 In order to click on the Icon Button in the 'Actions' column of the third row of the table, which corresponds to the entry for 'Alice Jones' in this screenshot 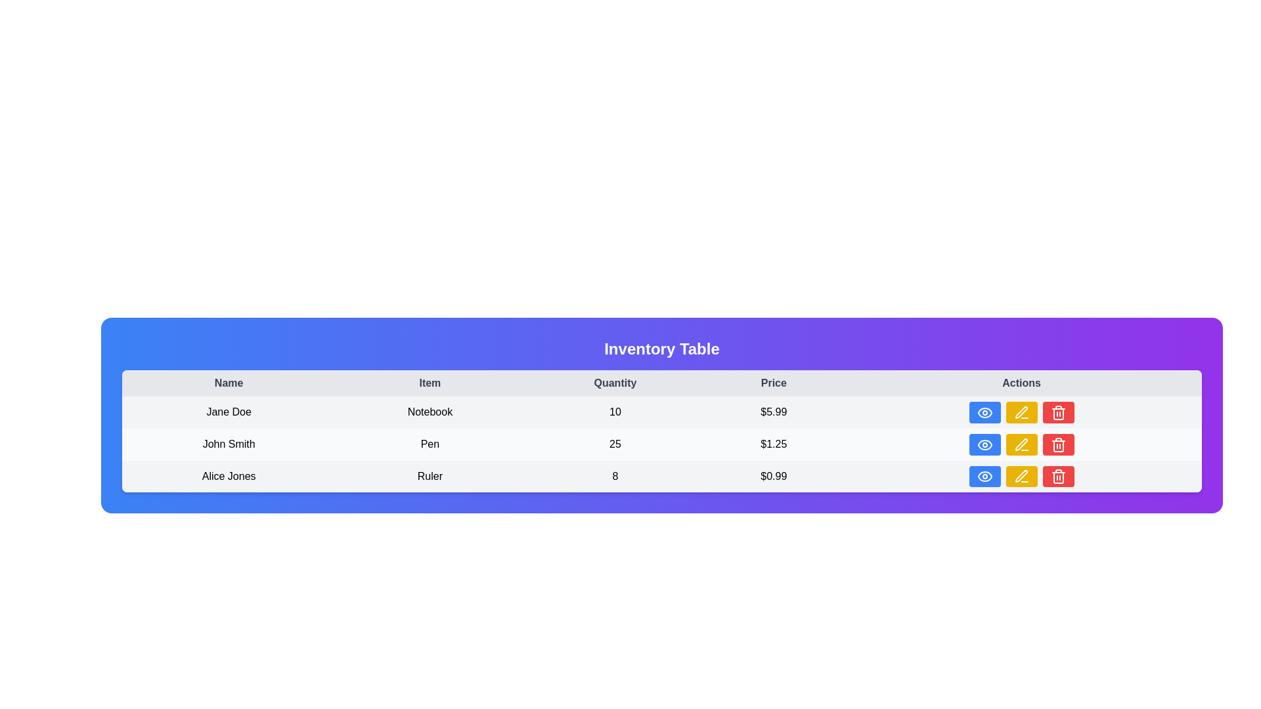, I will do `click(1058, 477)`.